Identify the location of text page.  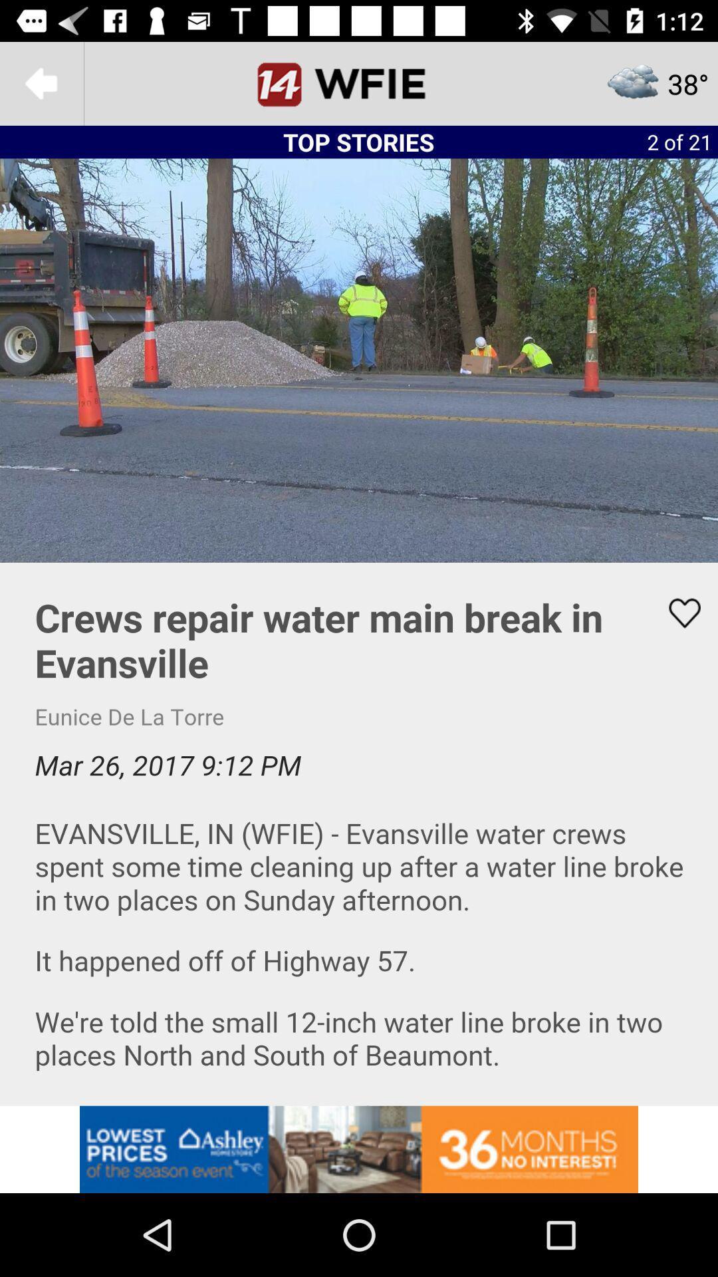
(359, 833).